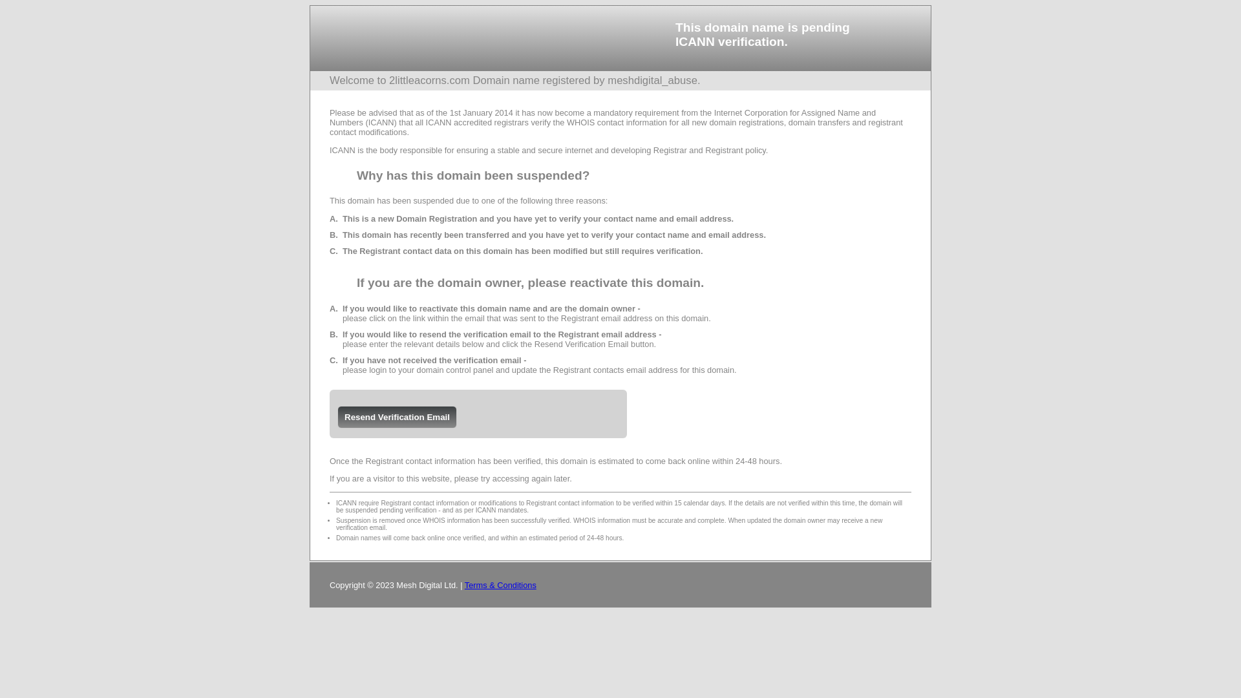 This screenshot has width=1241, height=698. I want to click on 'Terms & Conditions', so click(500, 585).